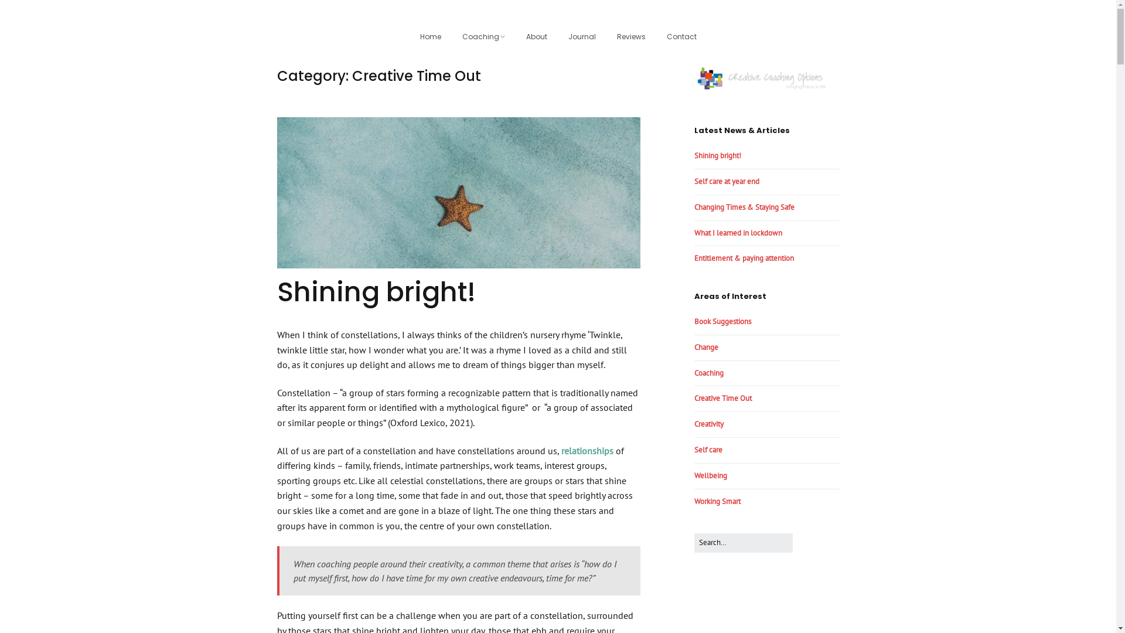  Describe the element at coordinates (708, 424) in the screenshot. I see `'Creativity'` at that location.